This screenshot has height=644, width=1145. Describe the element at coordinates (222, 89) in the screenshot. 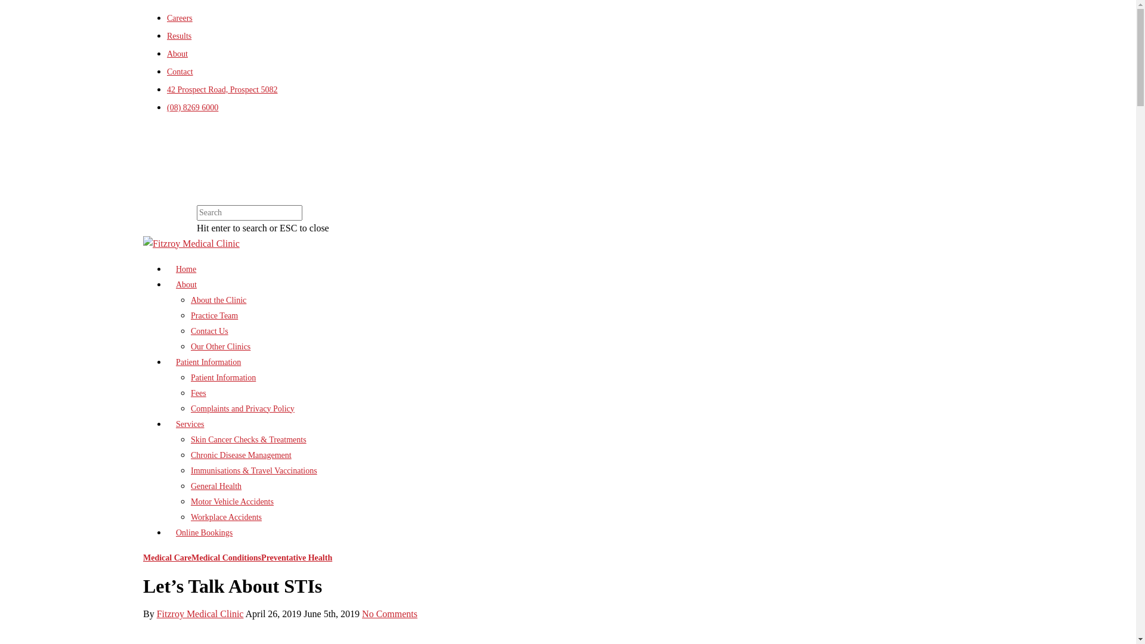

I see `'42 Prospect Road, Prospect 5082'` at that location.